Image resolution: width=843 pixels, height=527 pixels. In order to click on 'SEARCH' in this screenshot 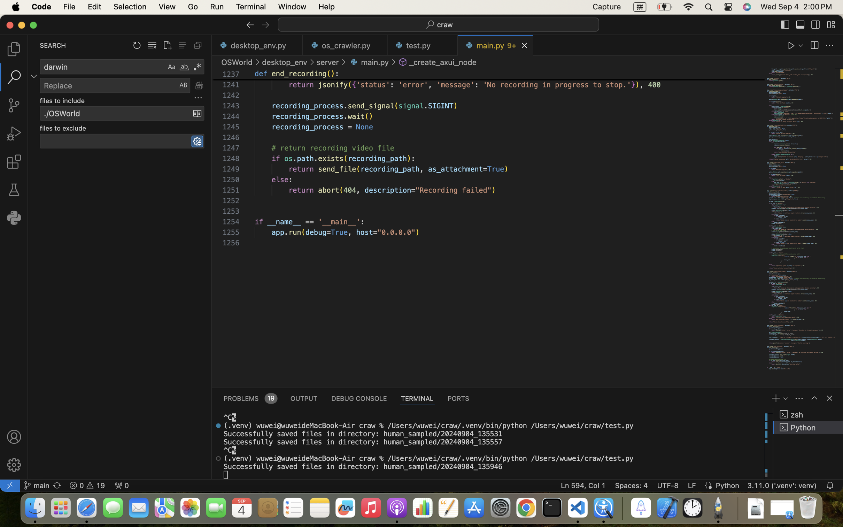, I will do `click(52, 45)`.